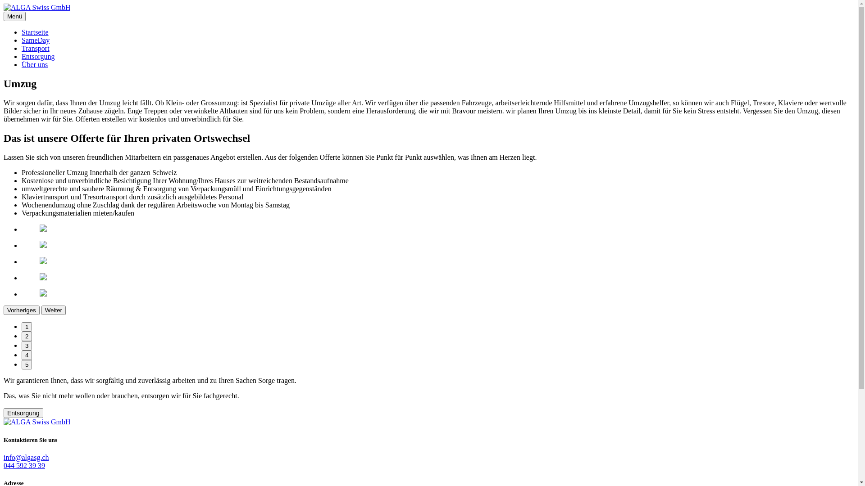 The height and width of the screenshot is (486, 865). I want to click on 'Vorheriges', so click(4, 310).